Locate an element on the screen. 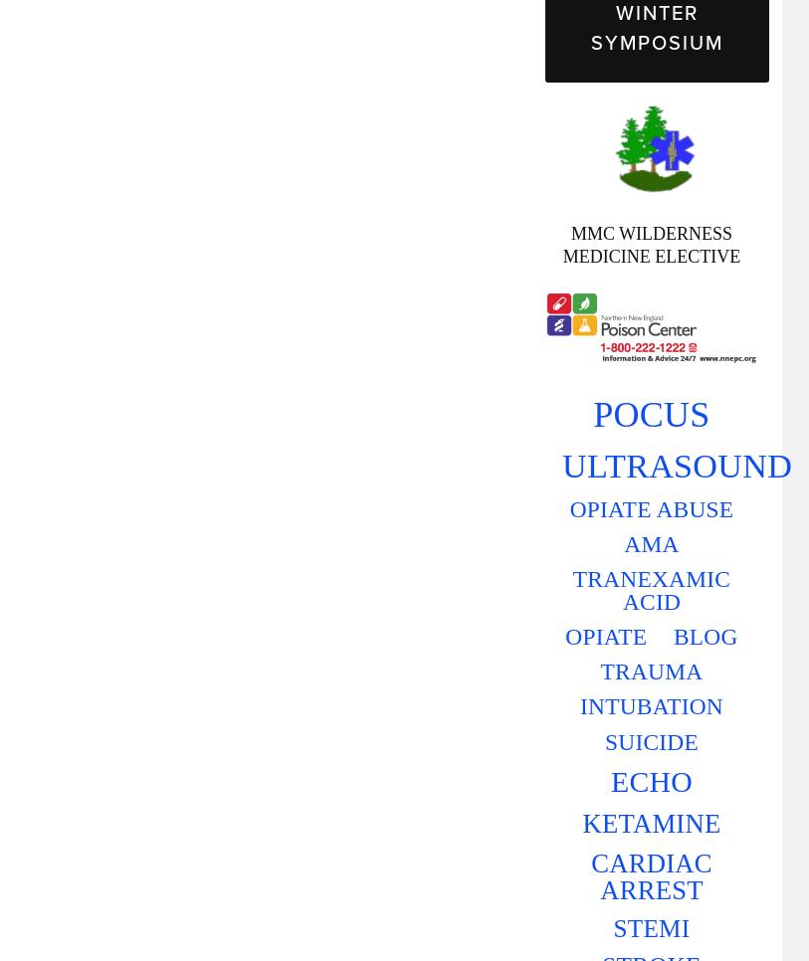  'AMA' is located at coordinates (623, 542).